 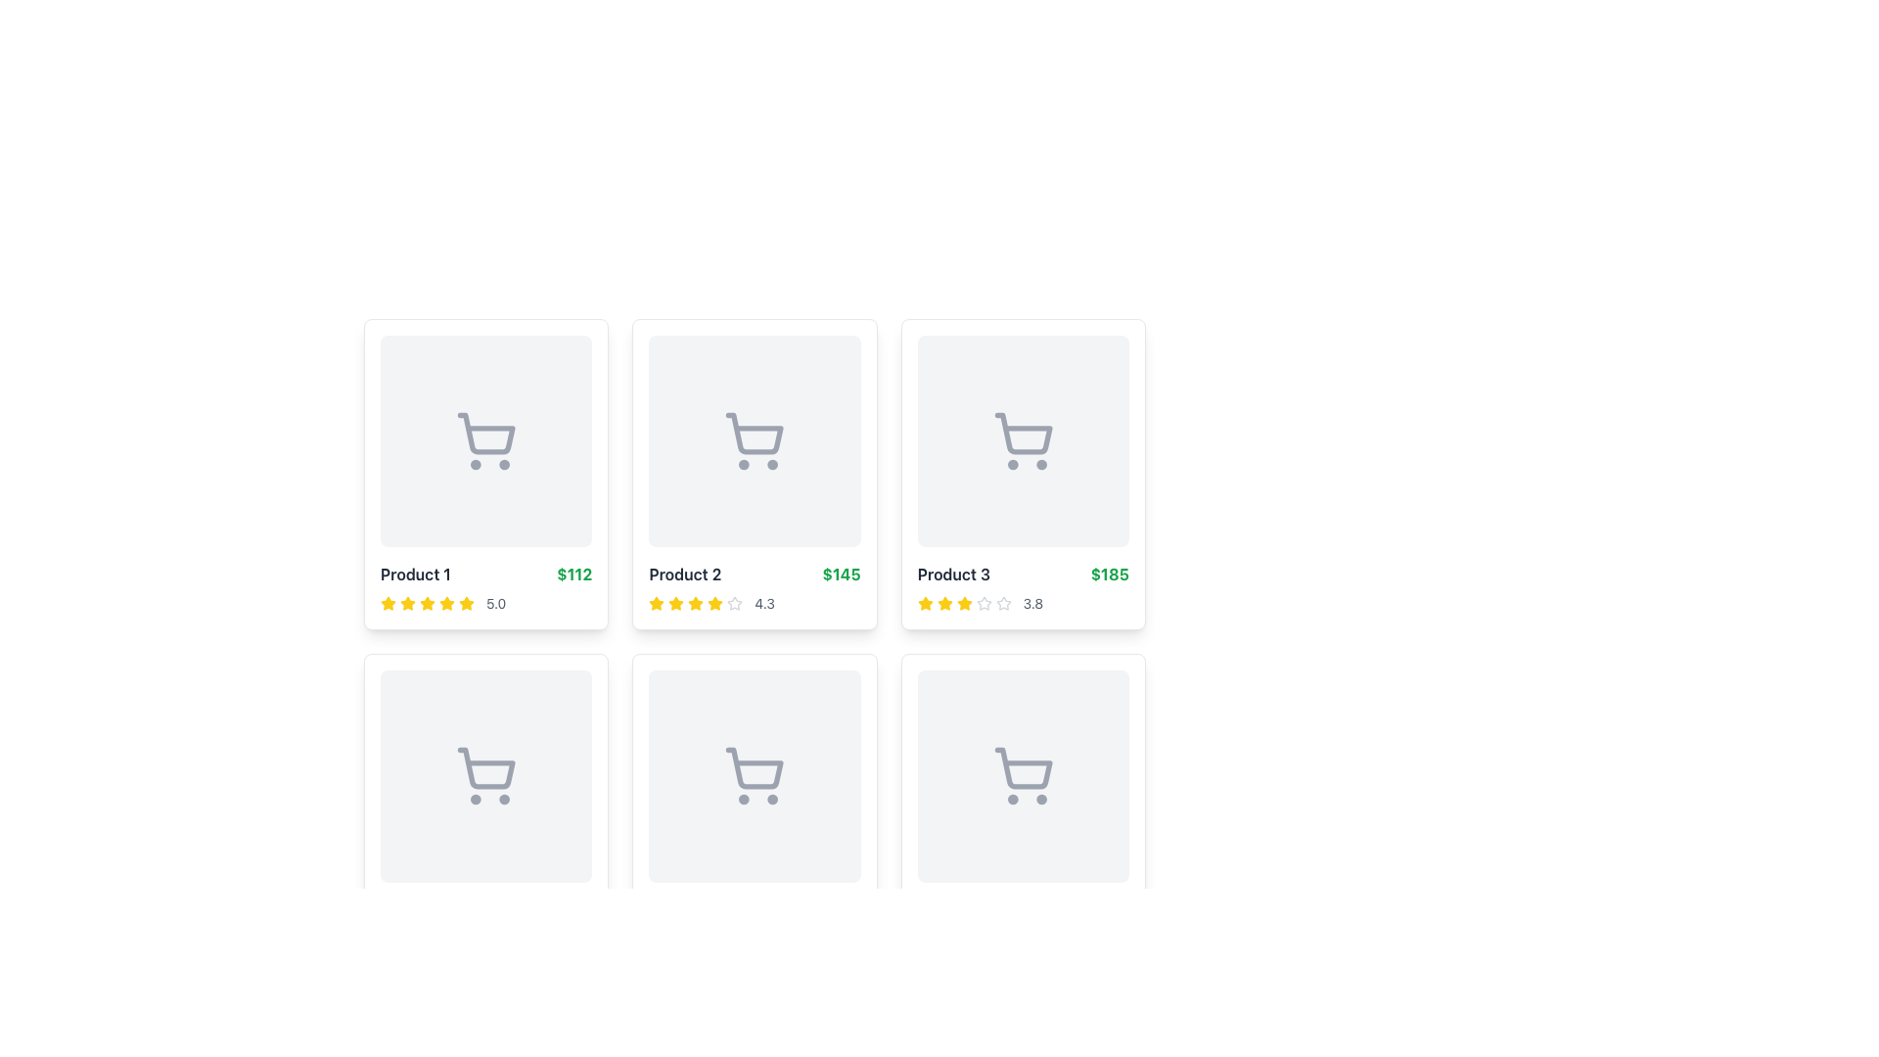 I want to click on the rating display element consisting of yellow stars and a numeric rating value '4.3' located in the lower region of the card labeled 'Product 2', so click(x=754, y=603).